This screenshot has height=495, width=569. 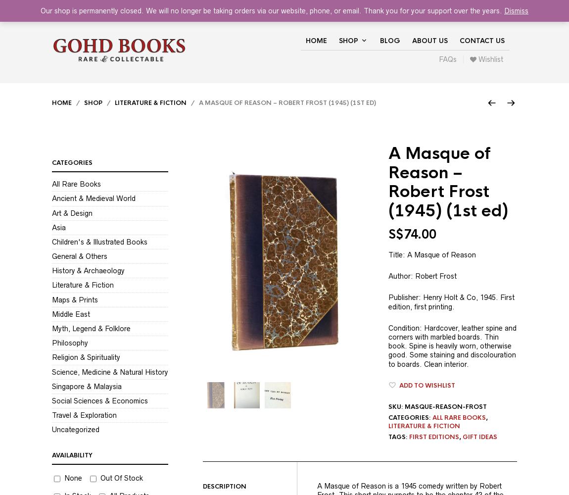 What do you see at coordinates (379, 40) in the screenshot?
I see `'Blog'` at bounding box center [379, 40].